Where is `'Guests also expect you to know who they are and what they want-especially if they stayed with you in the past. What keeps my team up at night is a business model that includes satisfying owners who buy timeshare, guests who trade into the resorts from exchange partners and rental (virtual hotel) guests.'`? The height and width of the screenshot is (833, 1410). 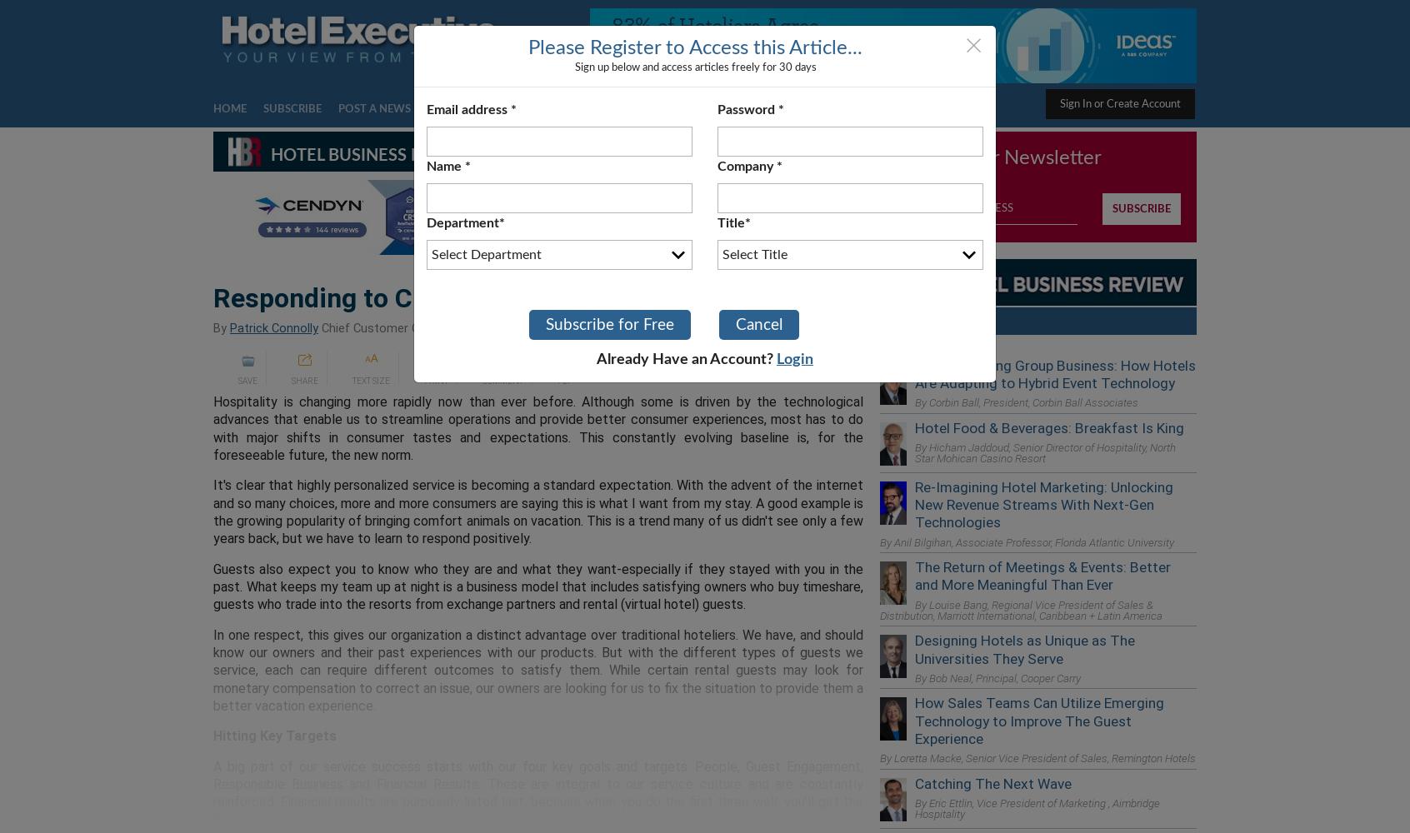
'Guests also expect you to know who they are and what they want-especially if they stayed with you in the past. What keeps my team up at night is a business model that includes satisfying owners who buy timeshare, guests who trade into the resorts from exchange partners and rental (virtual hotel) guests.' is located at coordinates (538, 586).